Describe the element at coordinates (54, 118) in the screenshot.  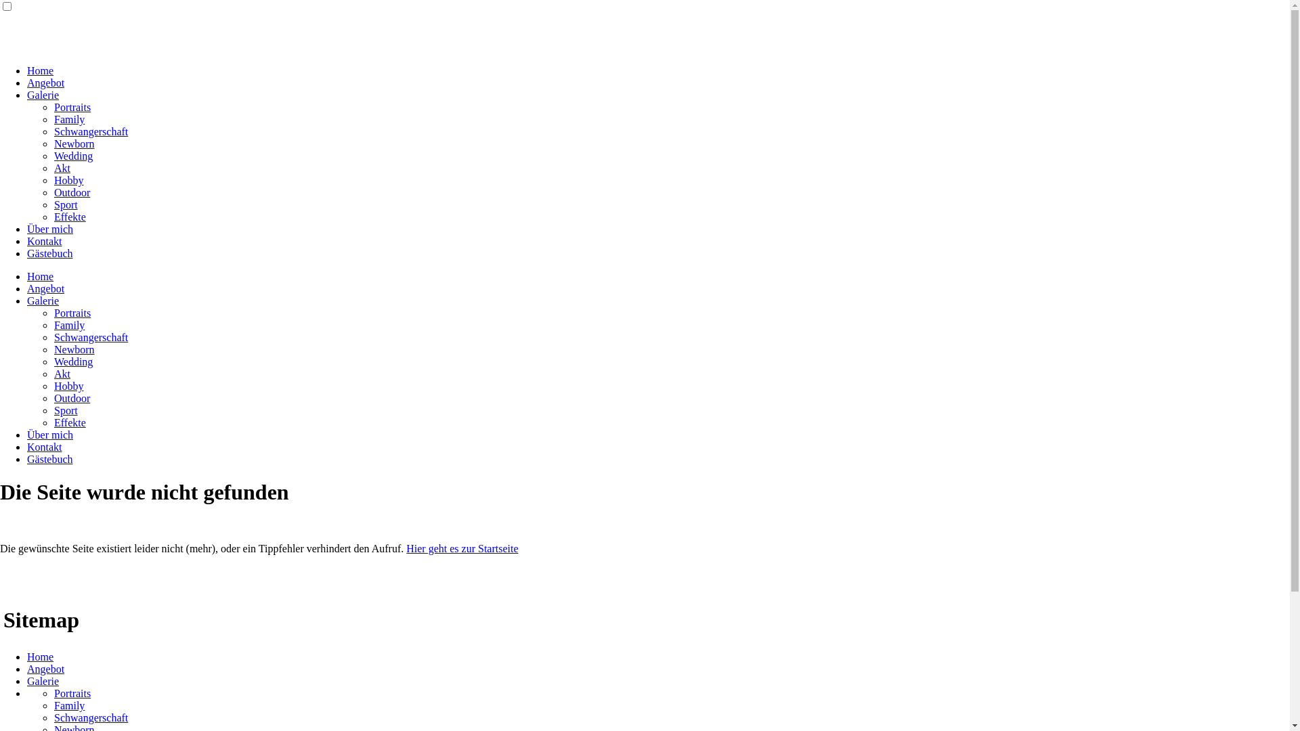
I see `'Family'` at that location.